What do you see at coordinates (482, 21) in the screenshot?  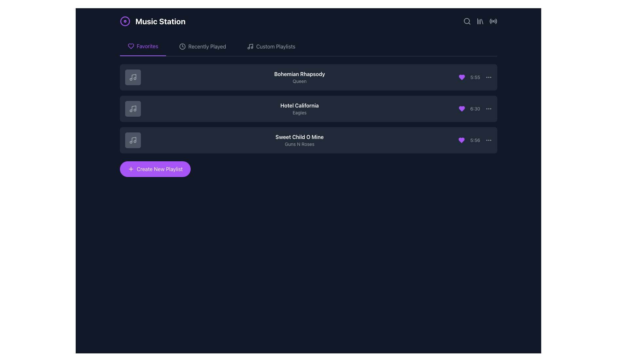 I see `the fourth line element of the SVG graphic in the top-right corner of the interface` at bounding box center [482, 21].